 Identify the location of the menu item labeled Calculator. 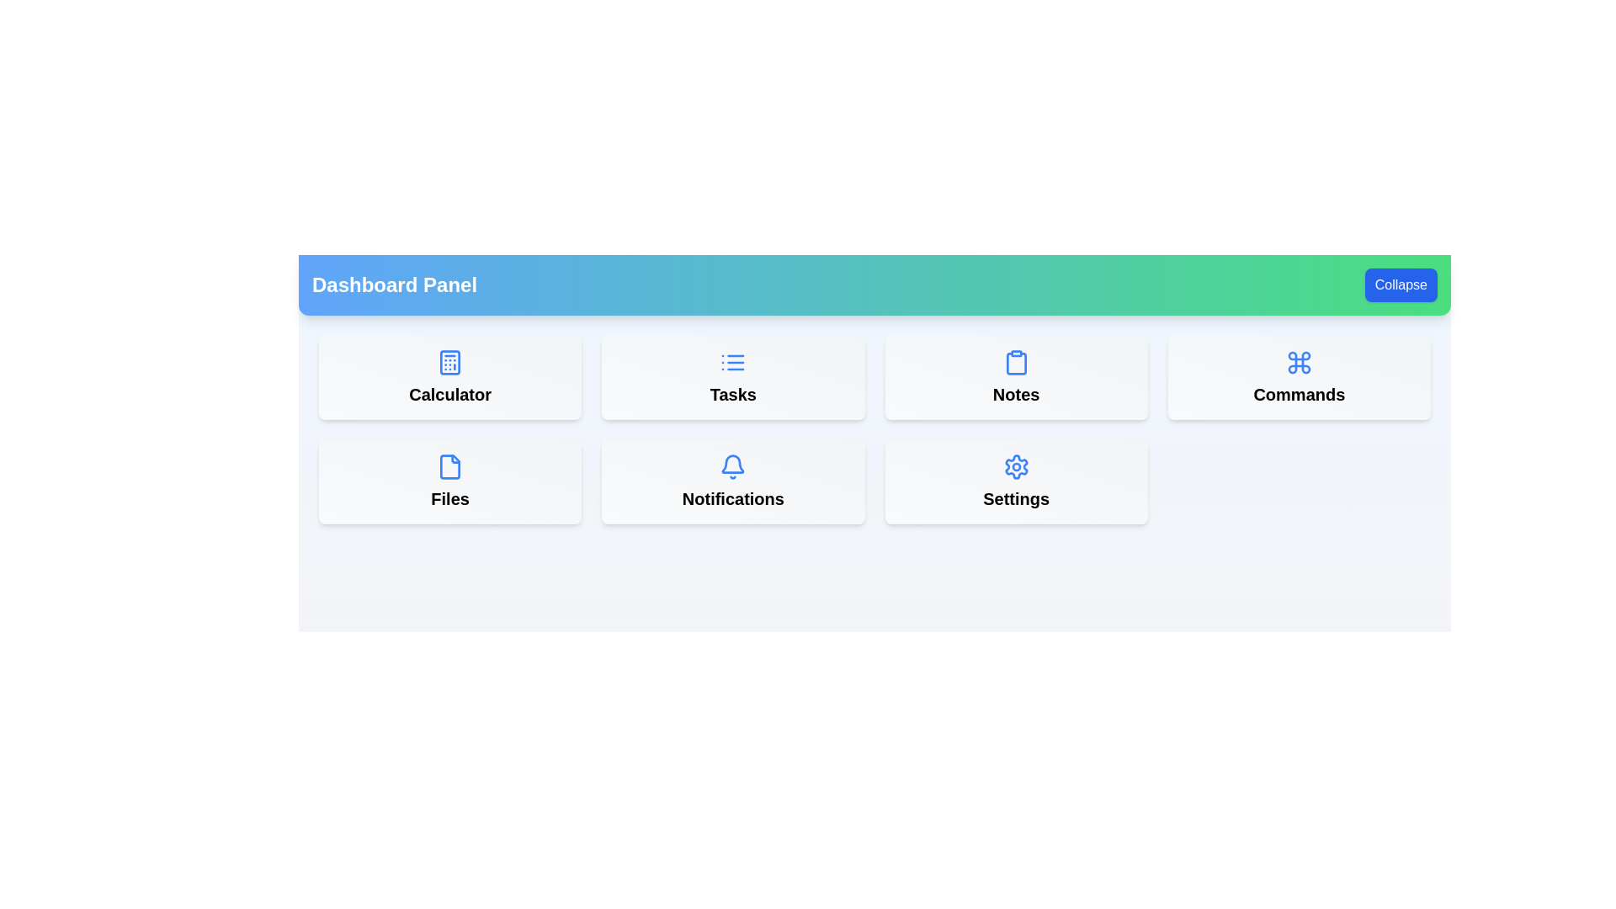
(450, 376).